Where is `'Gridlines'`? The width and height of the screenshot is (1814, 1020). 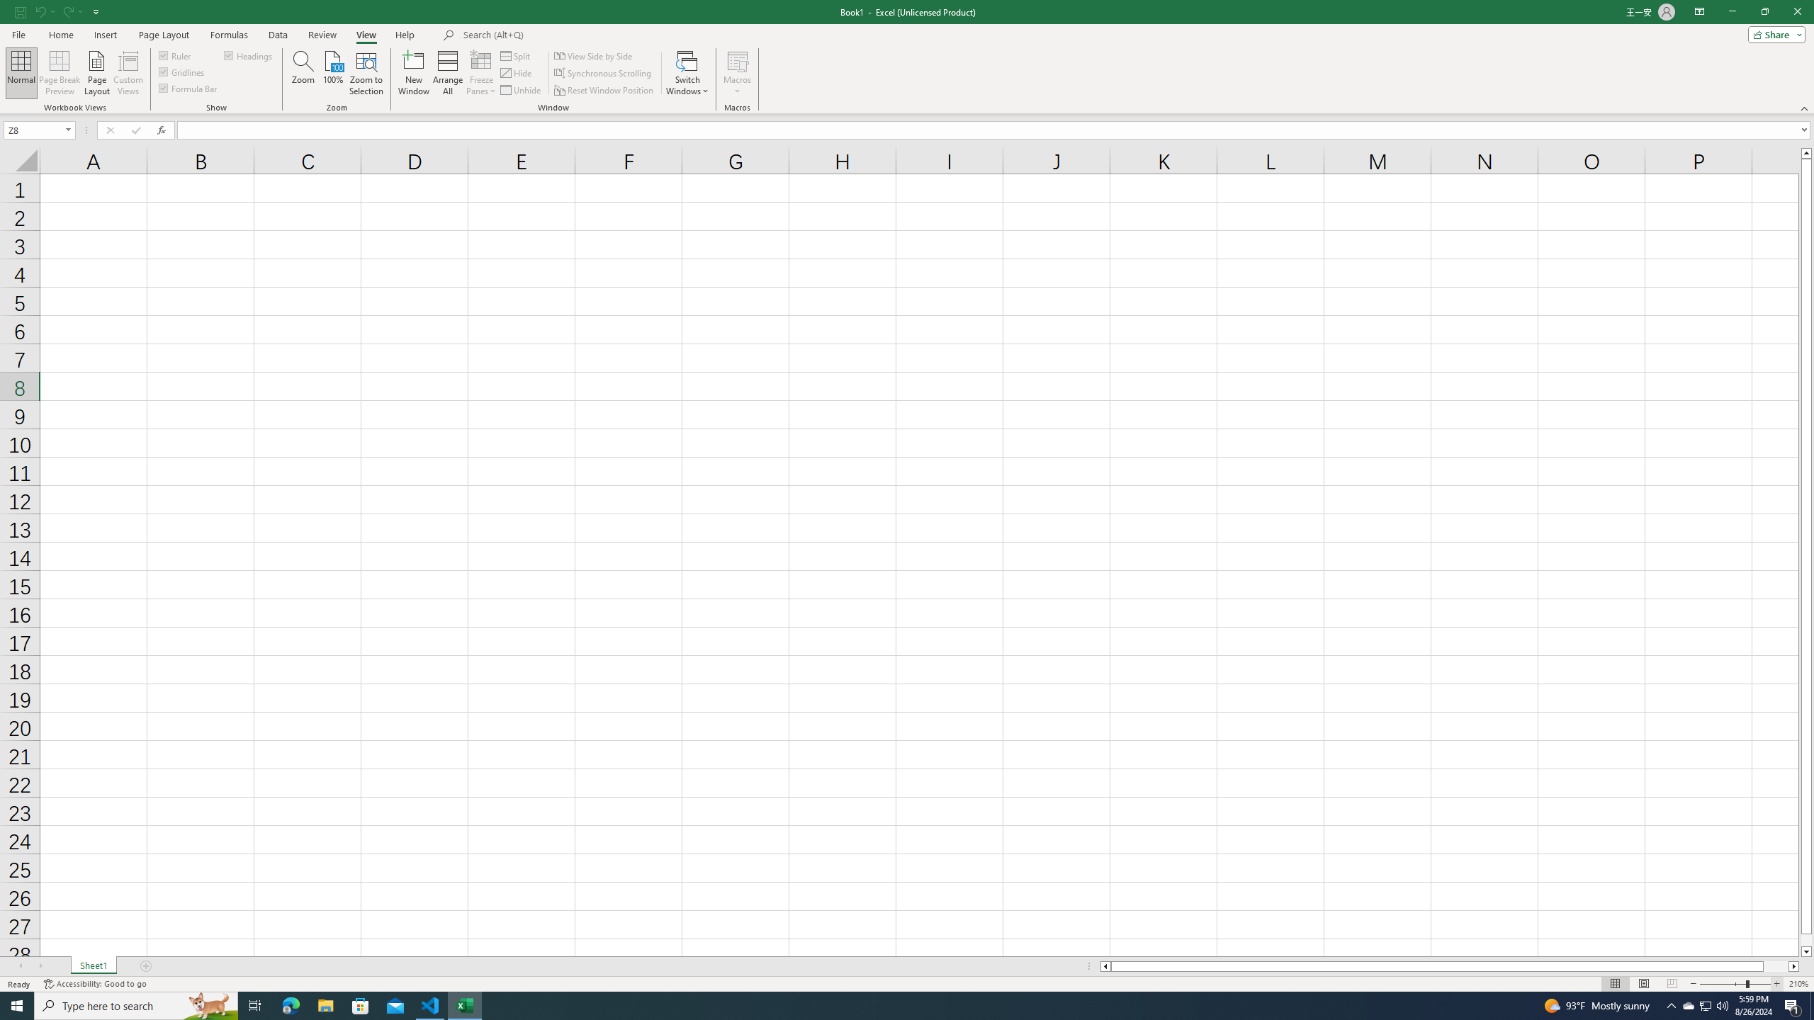
'Gridlines' is located at coordinates (181, 70).